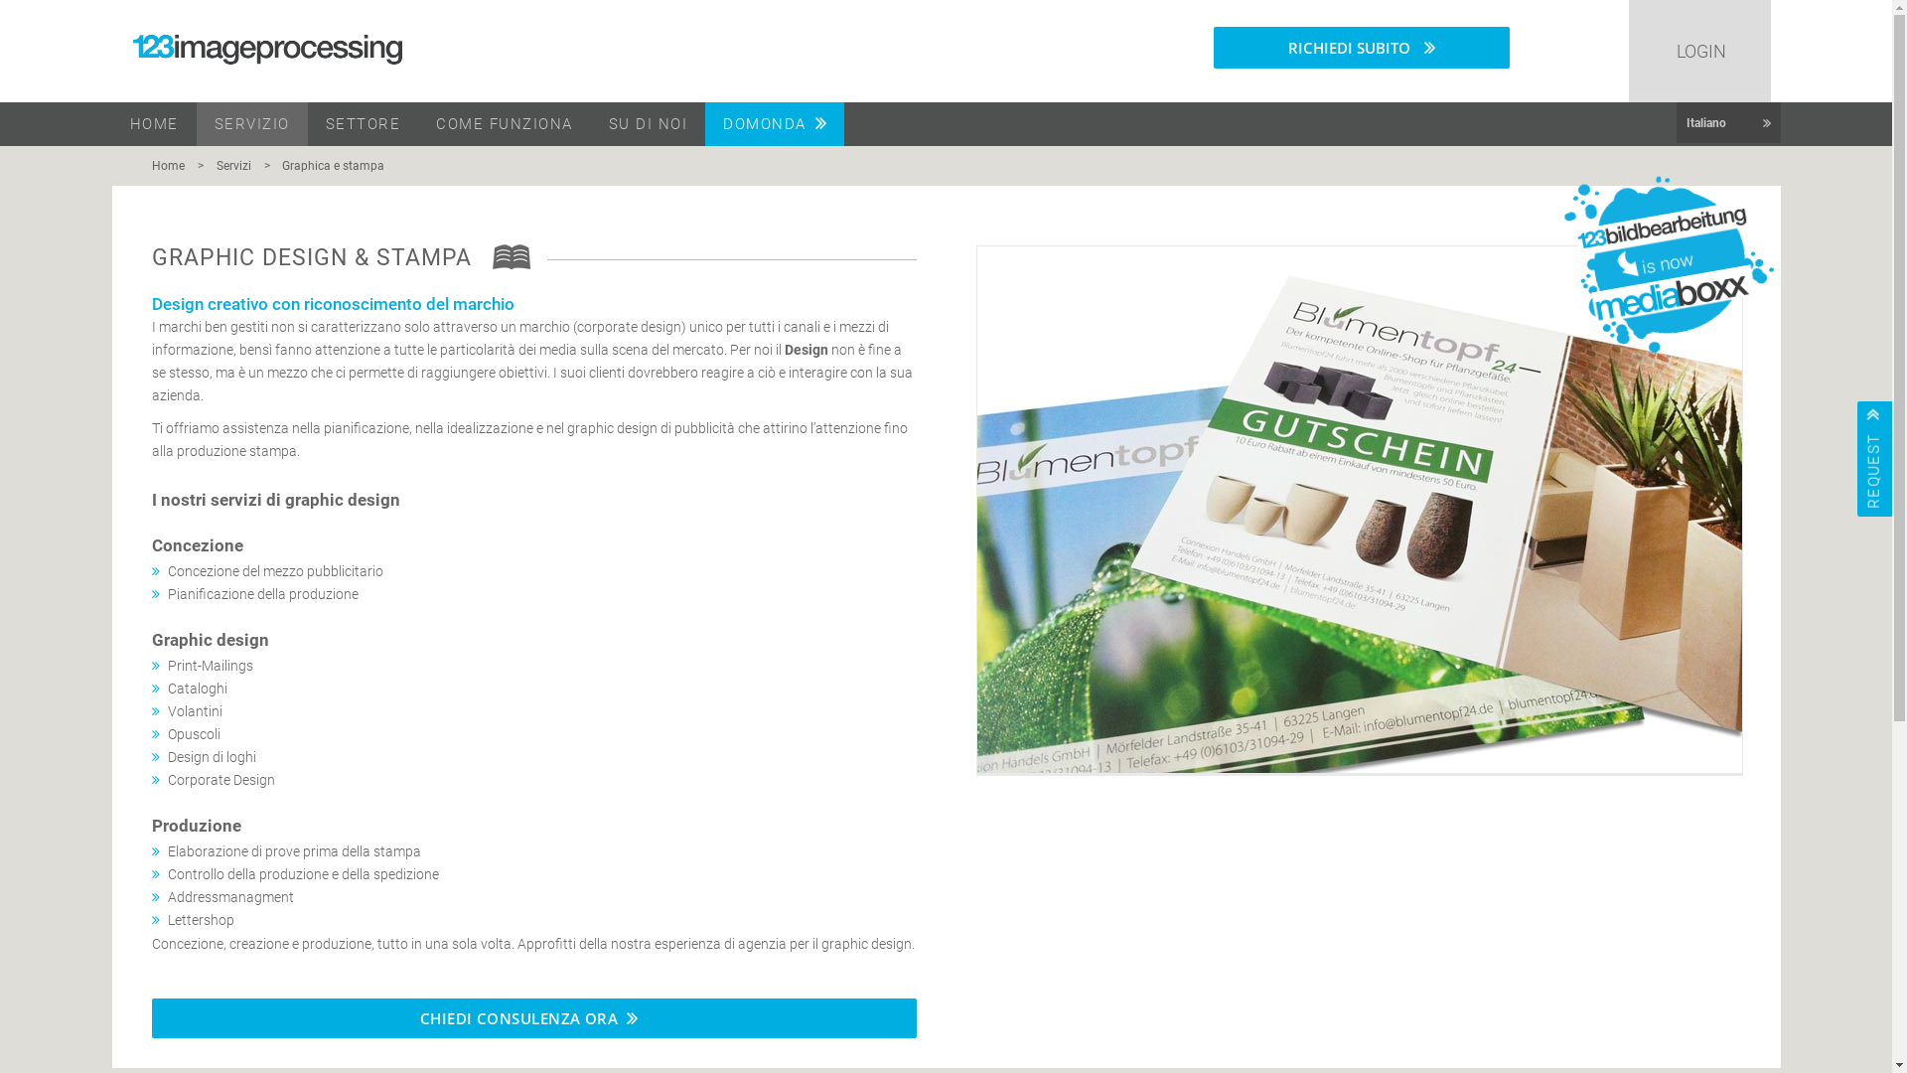  What do you see at coordinates (251, 123) in the screenshot?
I see `'SERVIZIO'` at bounding box center [251, 123].